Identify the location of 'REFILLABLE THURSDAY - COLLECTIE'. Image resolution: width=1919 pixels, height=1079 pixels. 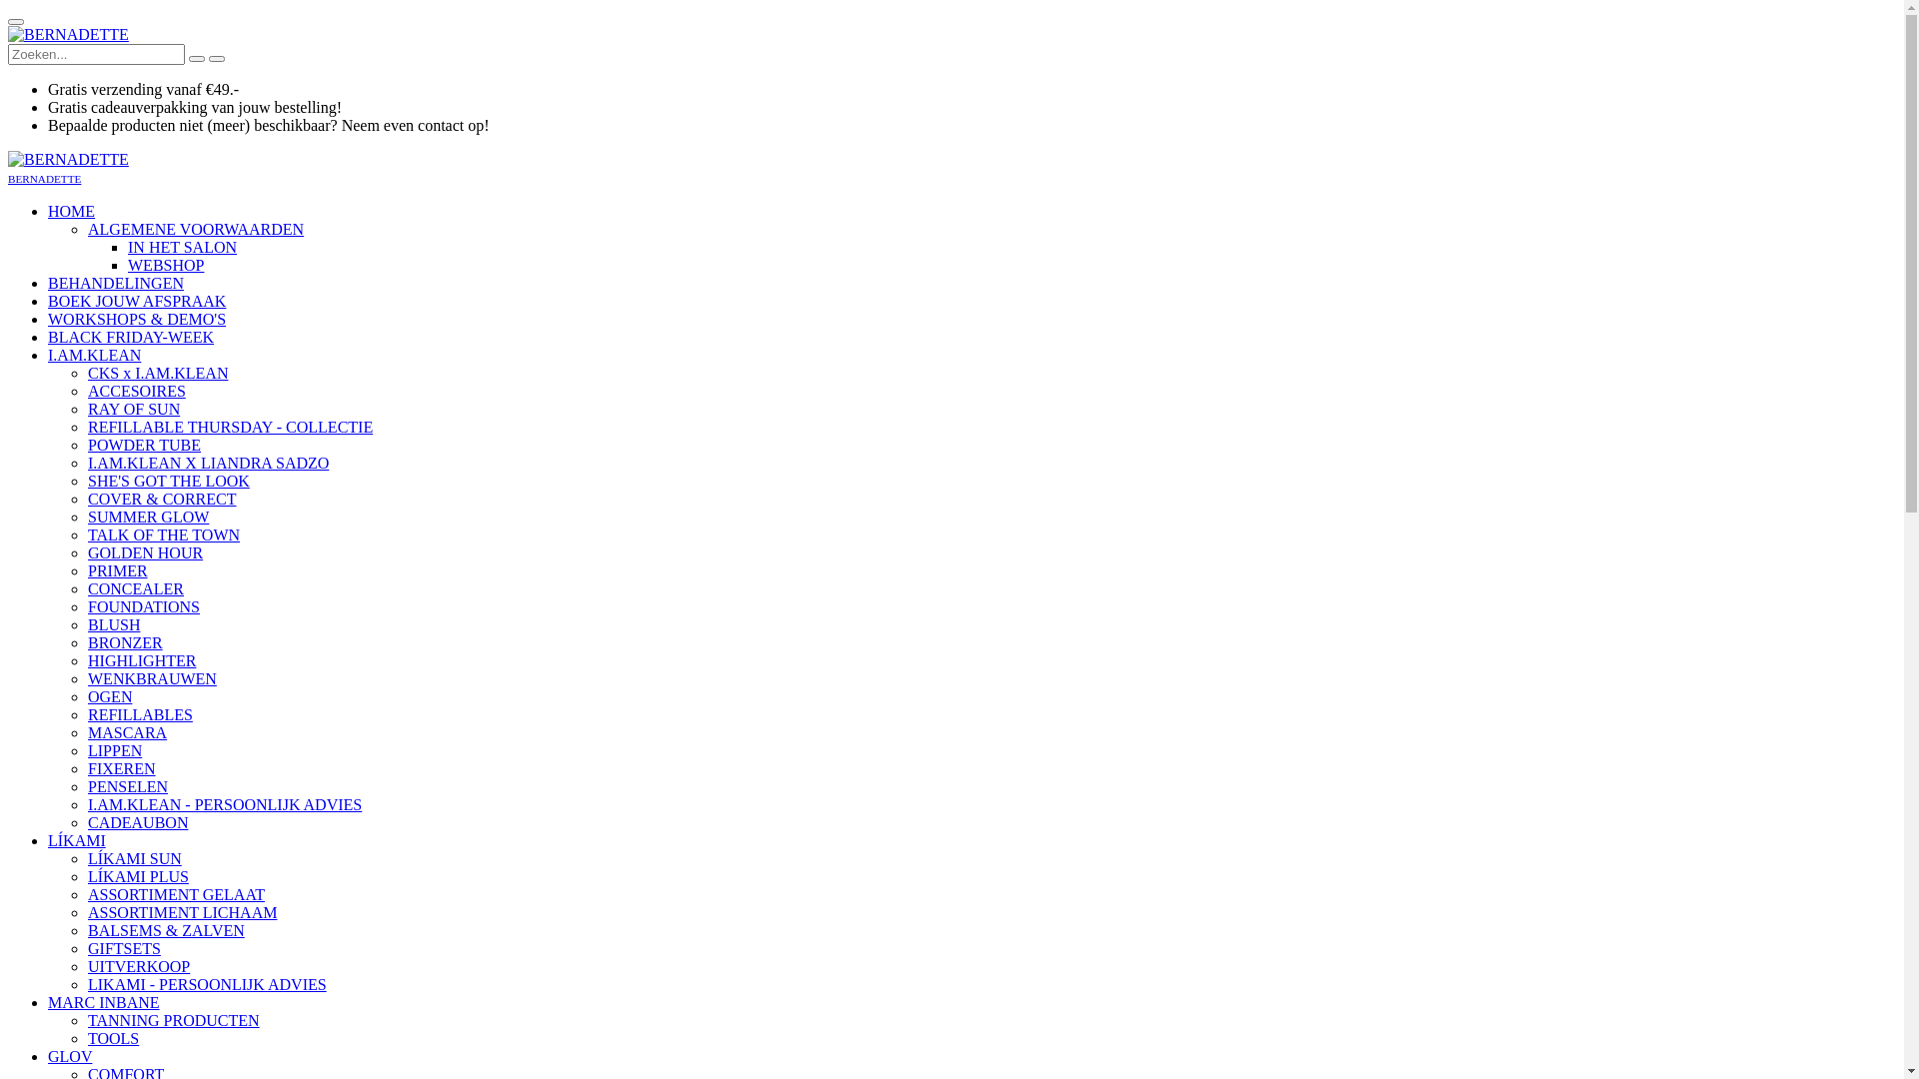
(86, 426).